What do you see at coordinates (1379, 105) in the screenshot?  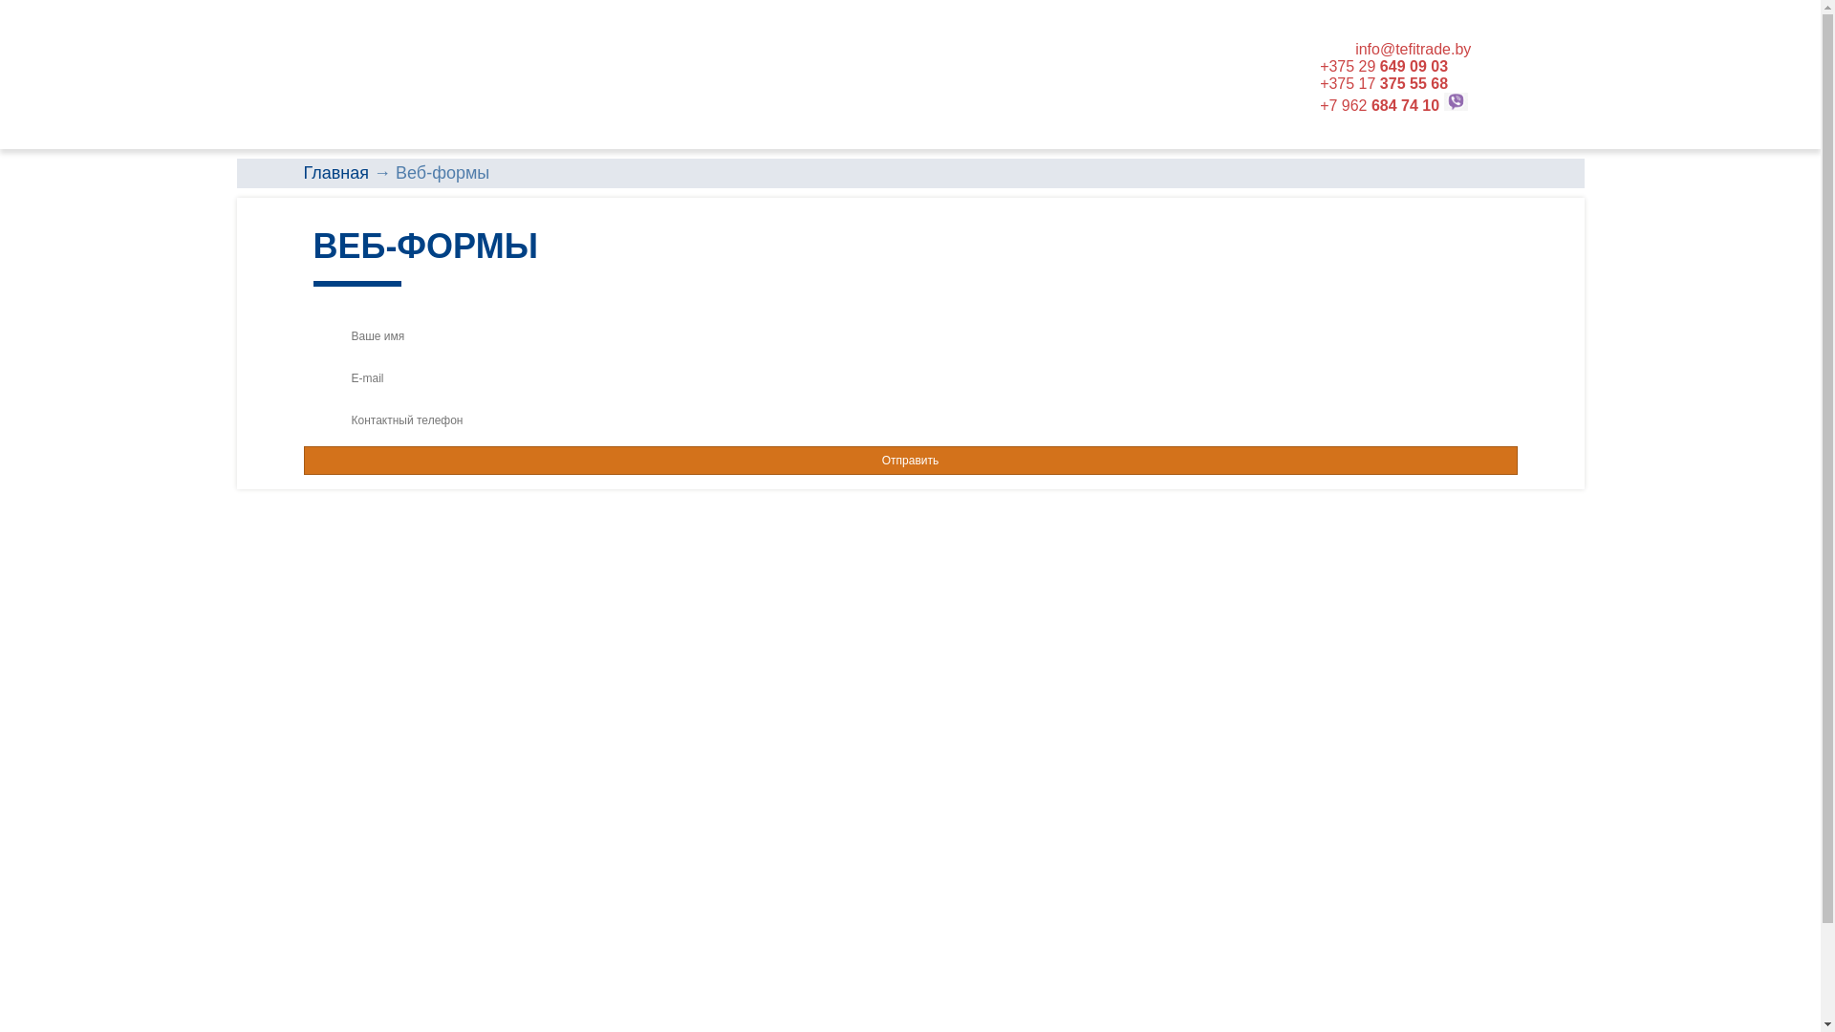 I see `'+7 962 684 74 10'` at bounding box center [1379, 105].